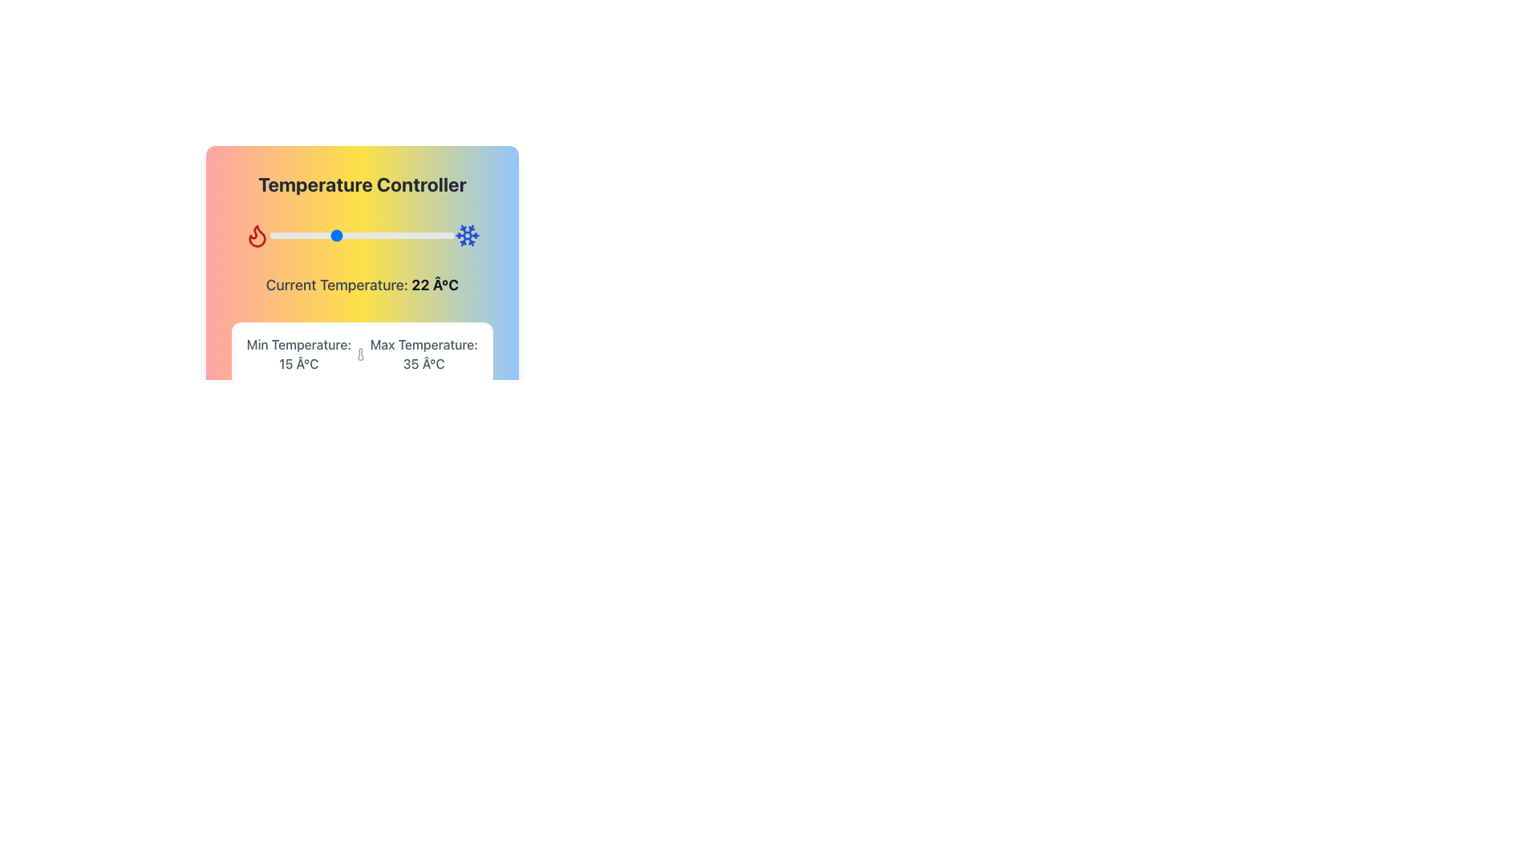 The height and width of the screenshot is (866, 1540). Describe the element at coordinates (361, 277) in the screenshot. I see `the temperature controller interface section` at that location.